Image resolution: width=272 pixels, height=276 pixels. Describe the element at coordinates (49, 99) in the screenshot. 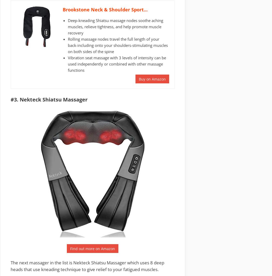

I see `'#3. Nekteck Shiatsu Massager'` at that location.